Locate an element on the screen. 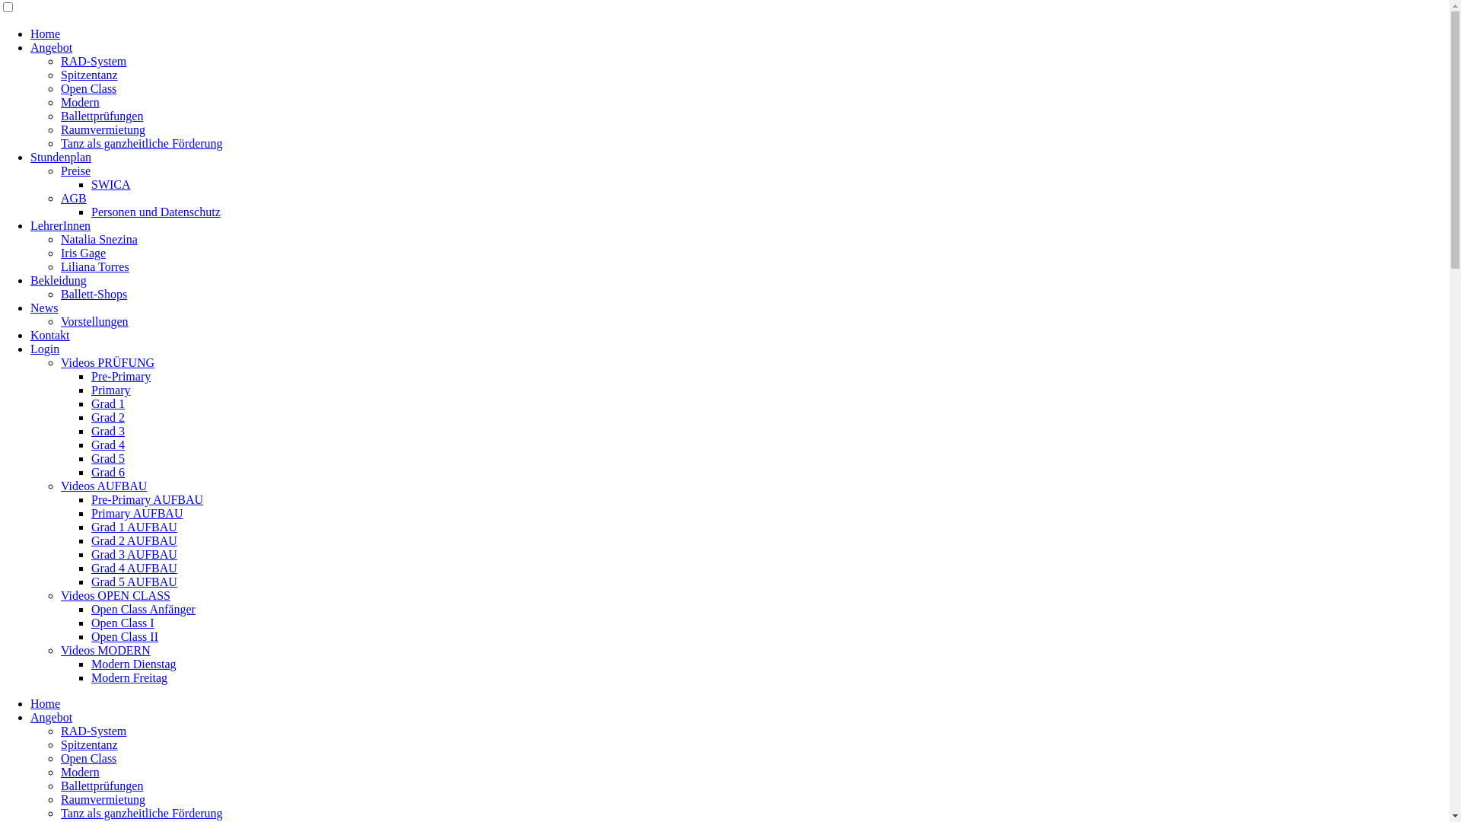 The height and width of the screenshot is (822, 1461). 'Open Class II' is located at coordinates (124, 636).